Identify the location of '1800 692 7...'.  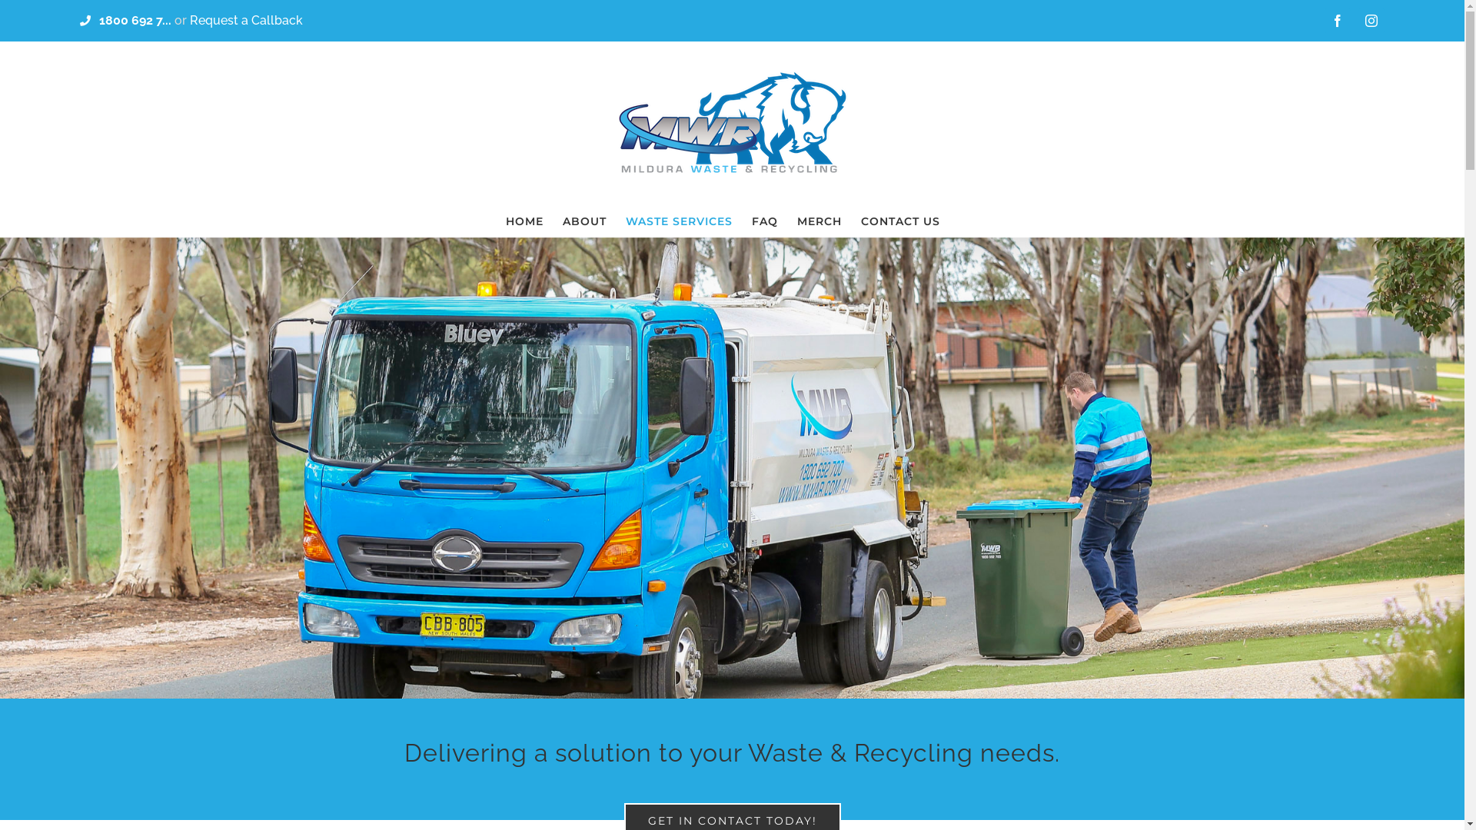
(135, 19).